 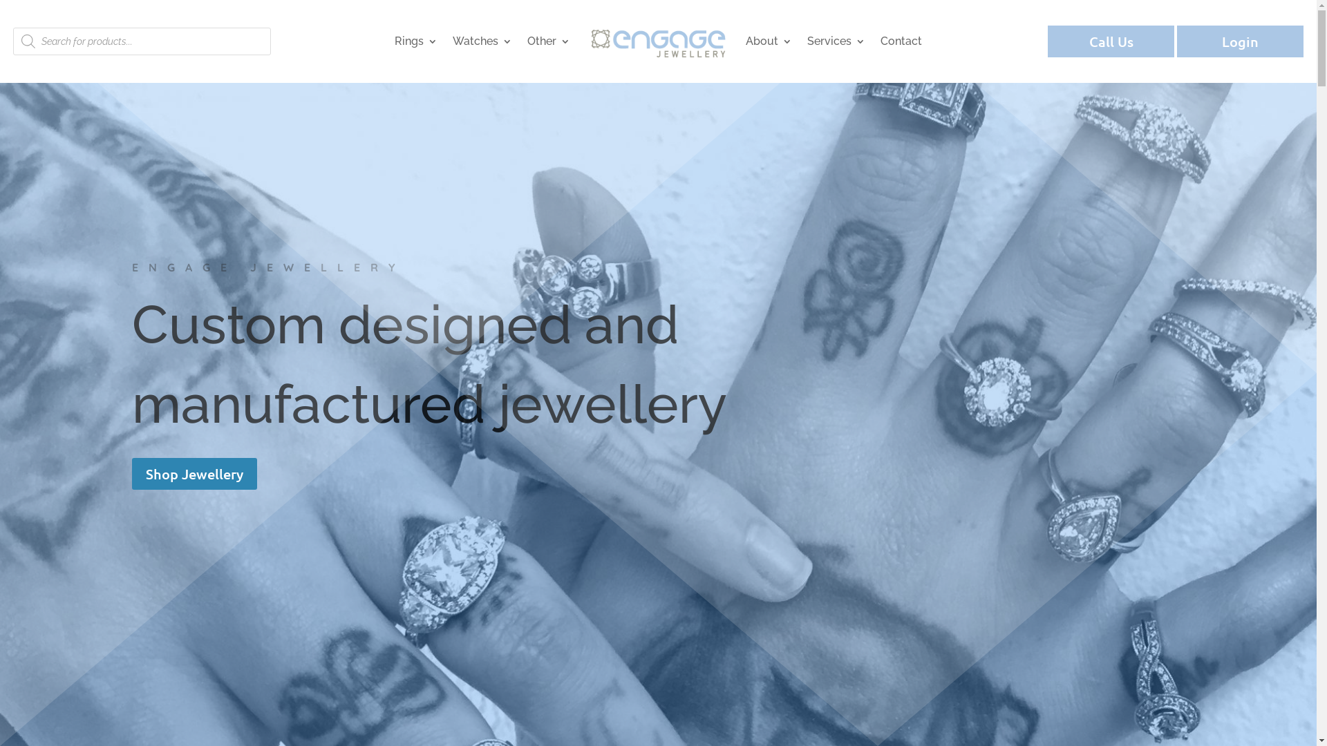 I want to click on 'Services', so click(x=835, y=41).